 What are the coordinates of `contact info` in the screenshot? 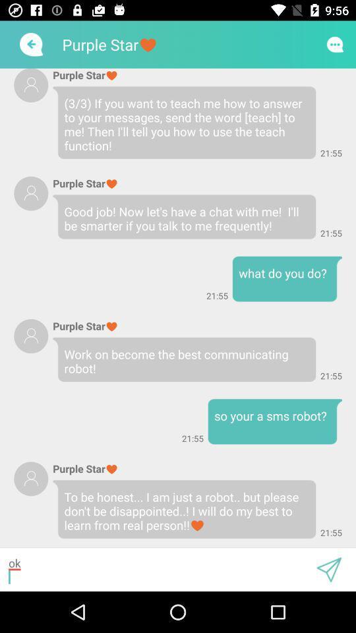 It's located at (31, 335).